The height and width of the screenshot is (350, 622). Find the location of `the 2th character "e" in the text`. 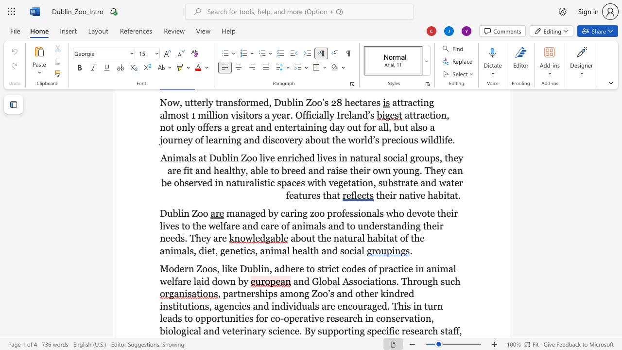

the 2th character "e" in the text is located at coordinates (422, 238).